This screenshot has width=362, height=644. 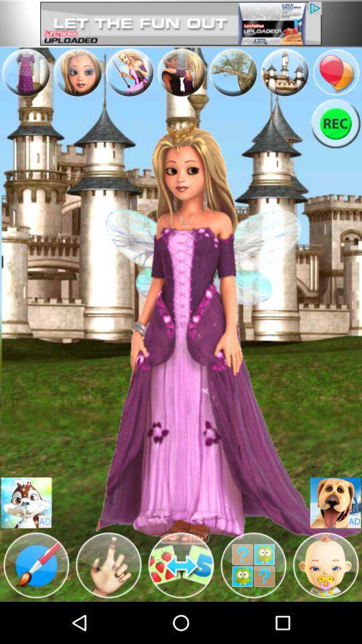 What do you see at coordinates (26, 502) in the screenshot?
I see `image` at bounding box center [26, 502].